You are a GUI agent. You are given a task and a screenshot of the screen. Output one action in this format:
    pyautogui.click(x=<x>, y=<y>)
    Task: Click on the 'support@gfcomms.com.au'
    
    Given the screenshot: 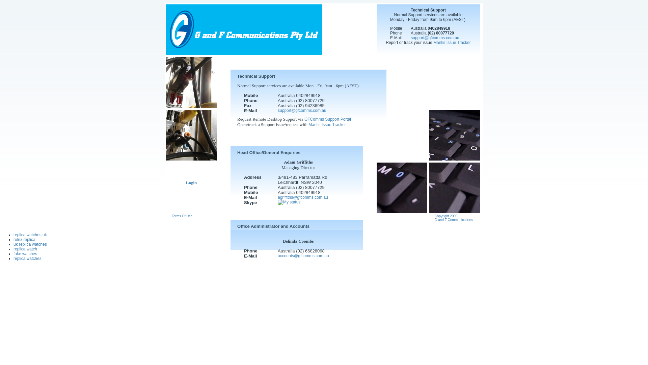 What is the action you would take?
    pyautogui.click(x=435, y=38)
    